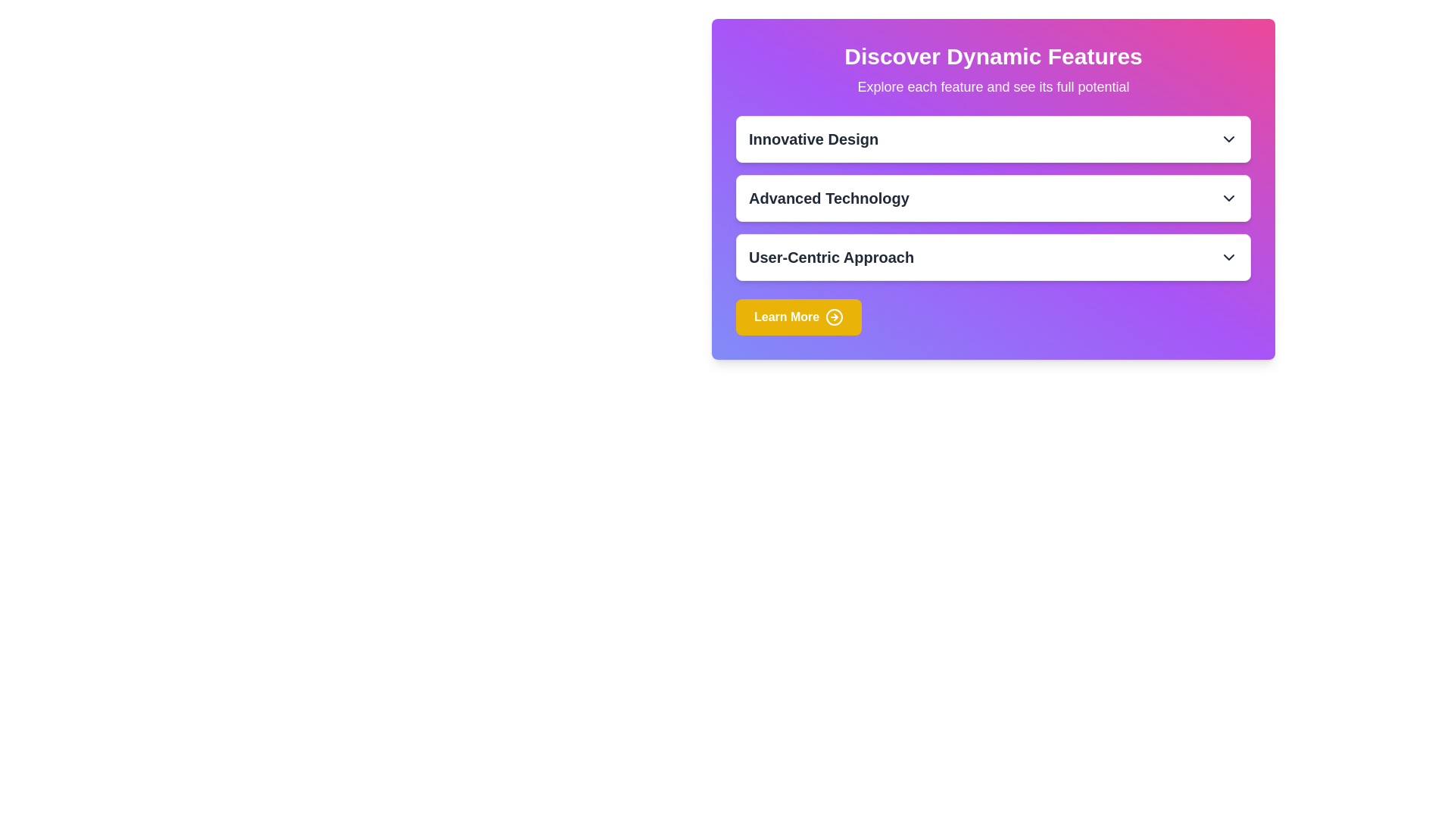 The image size is (1454, 818). I want to click on the Dropdown toggle, so click(993, 139).